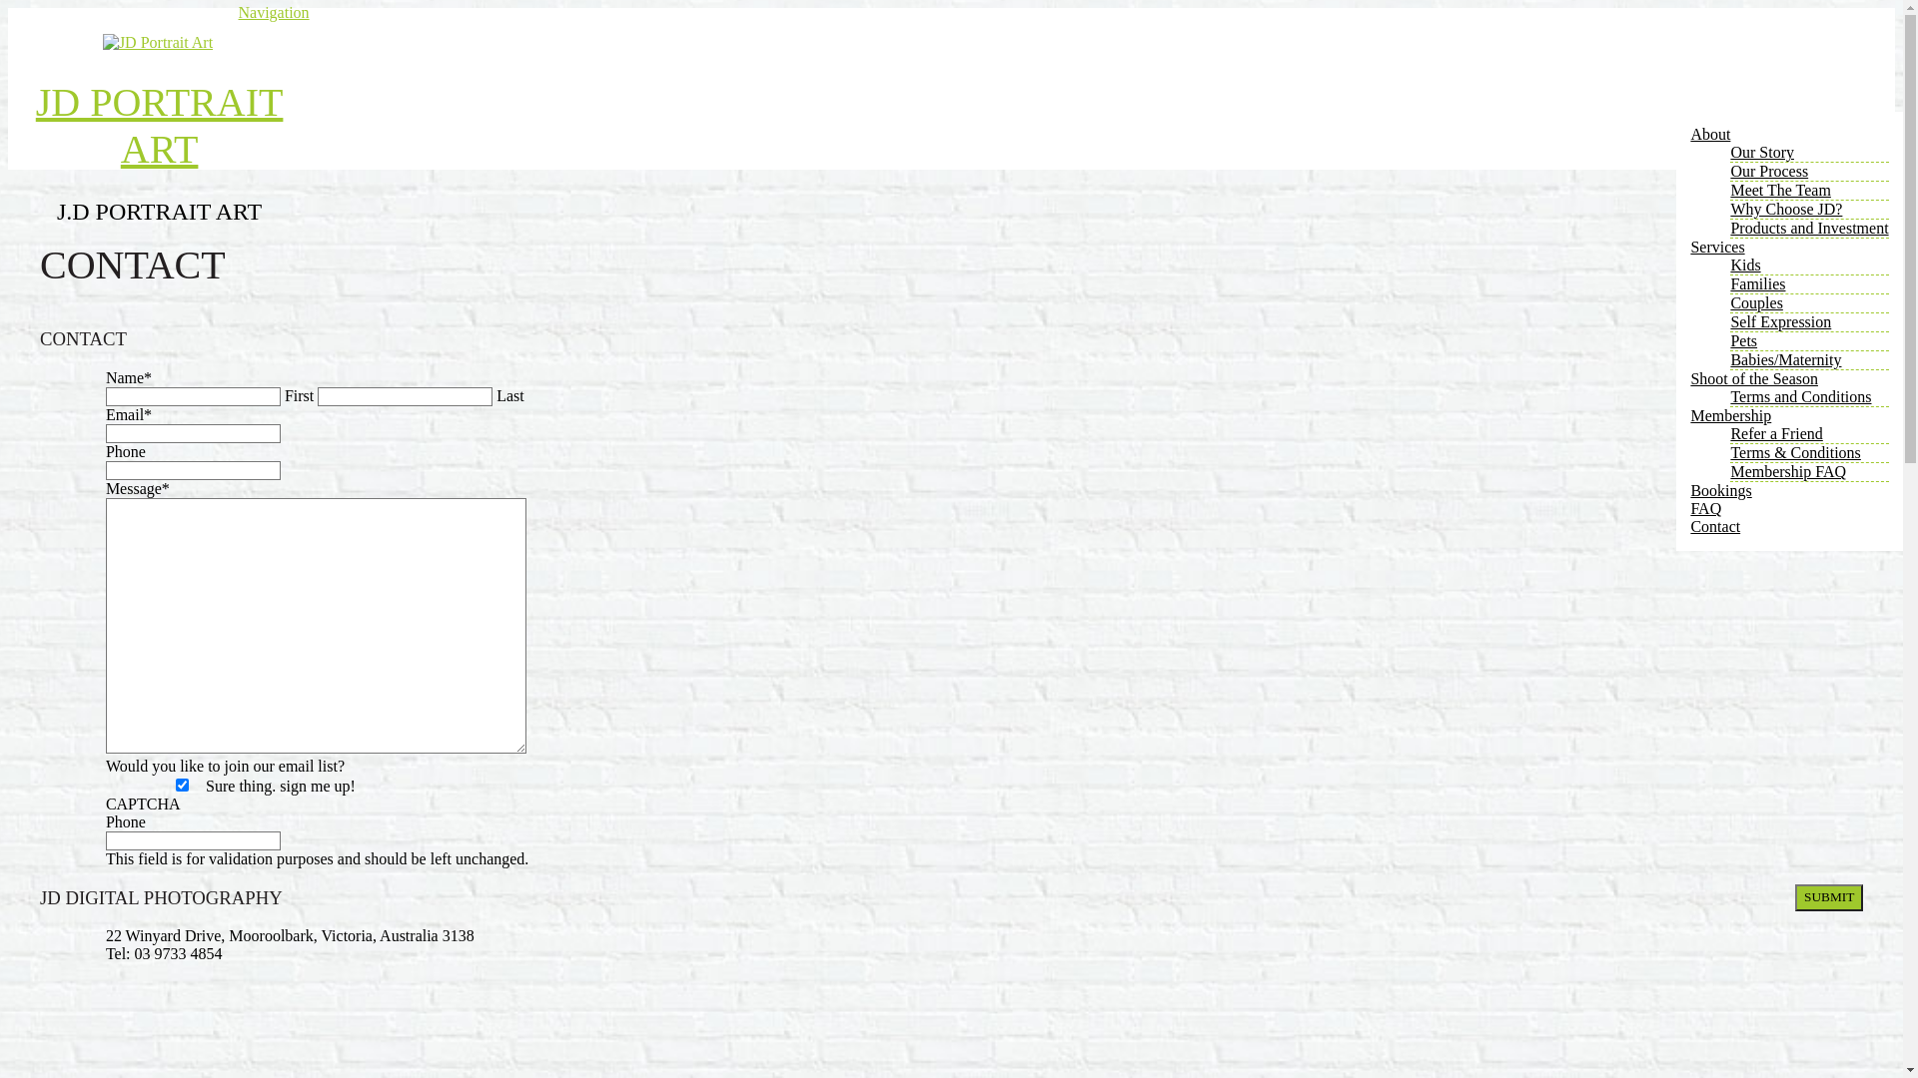 The width and height of the screenshot is (1918, 1078). I want to click on 'Membership', so click(1729, 414).